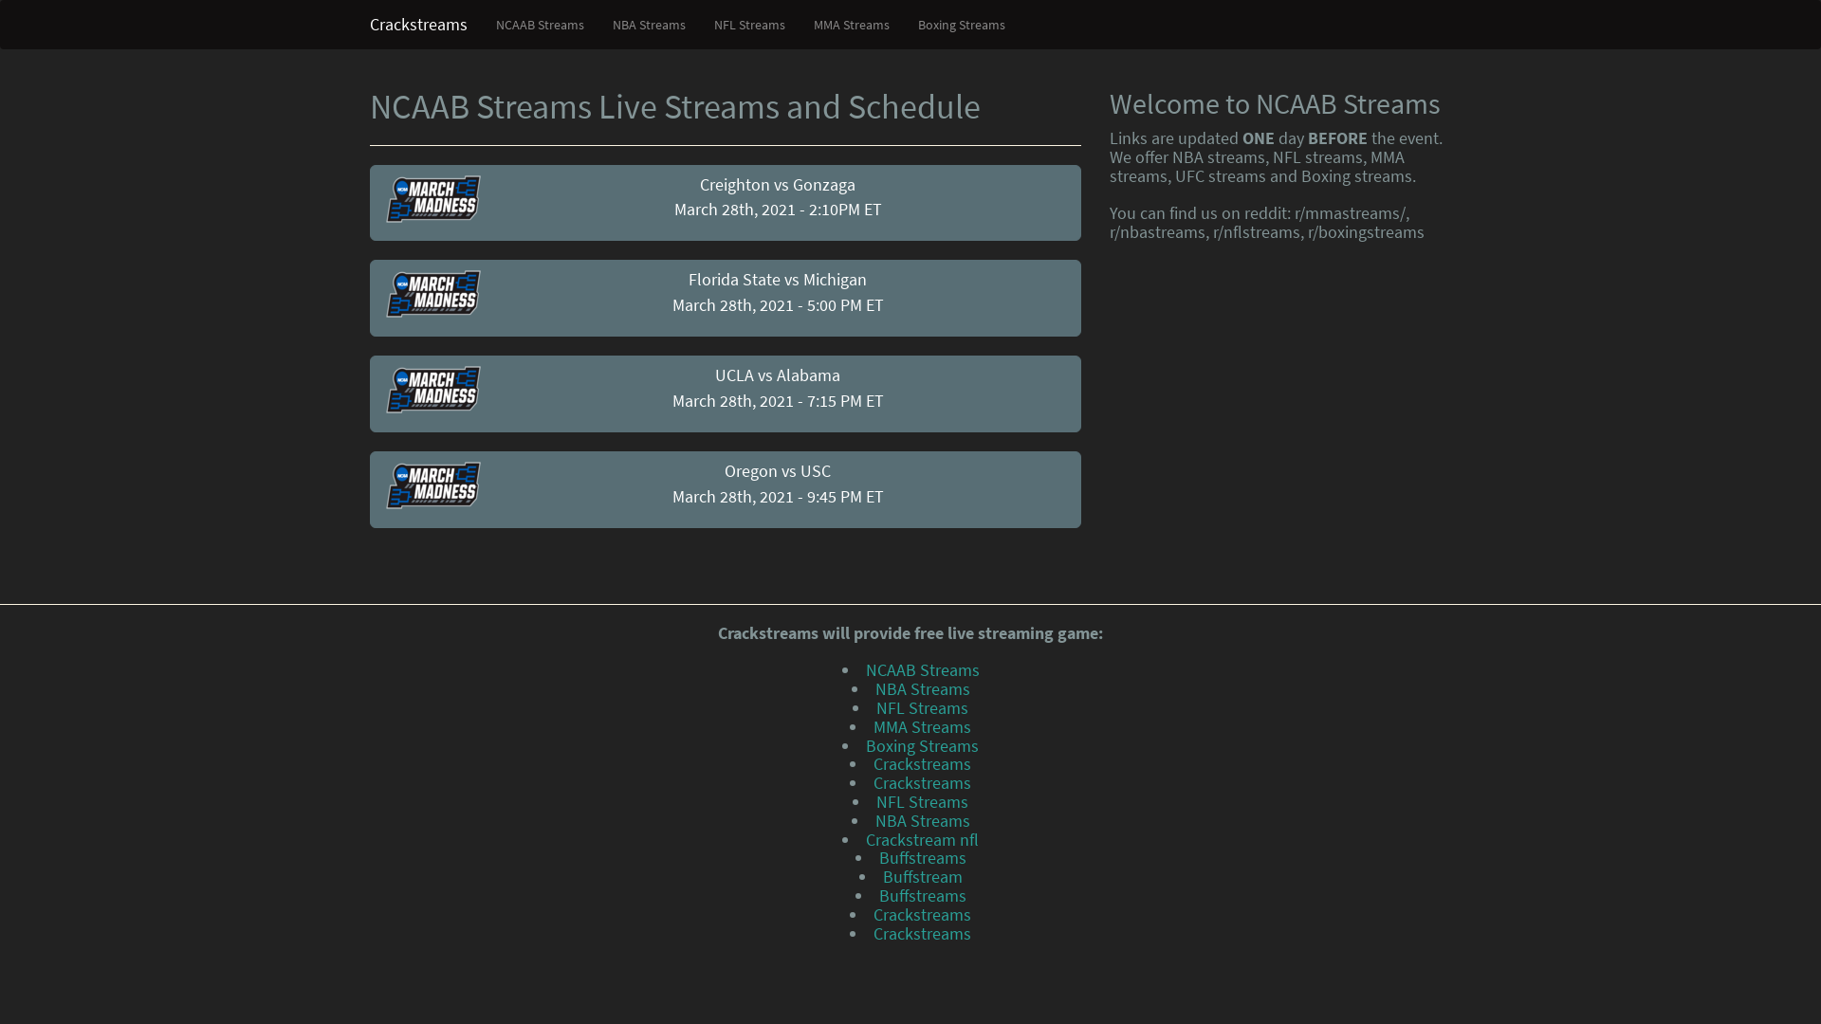  I want to click on 'Crackstreams', so click(922, 782).